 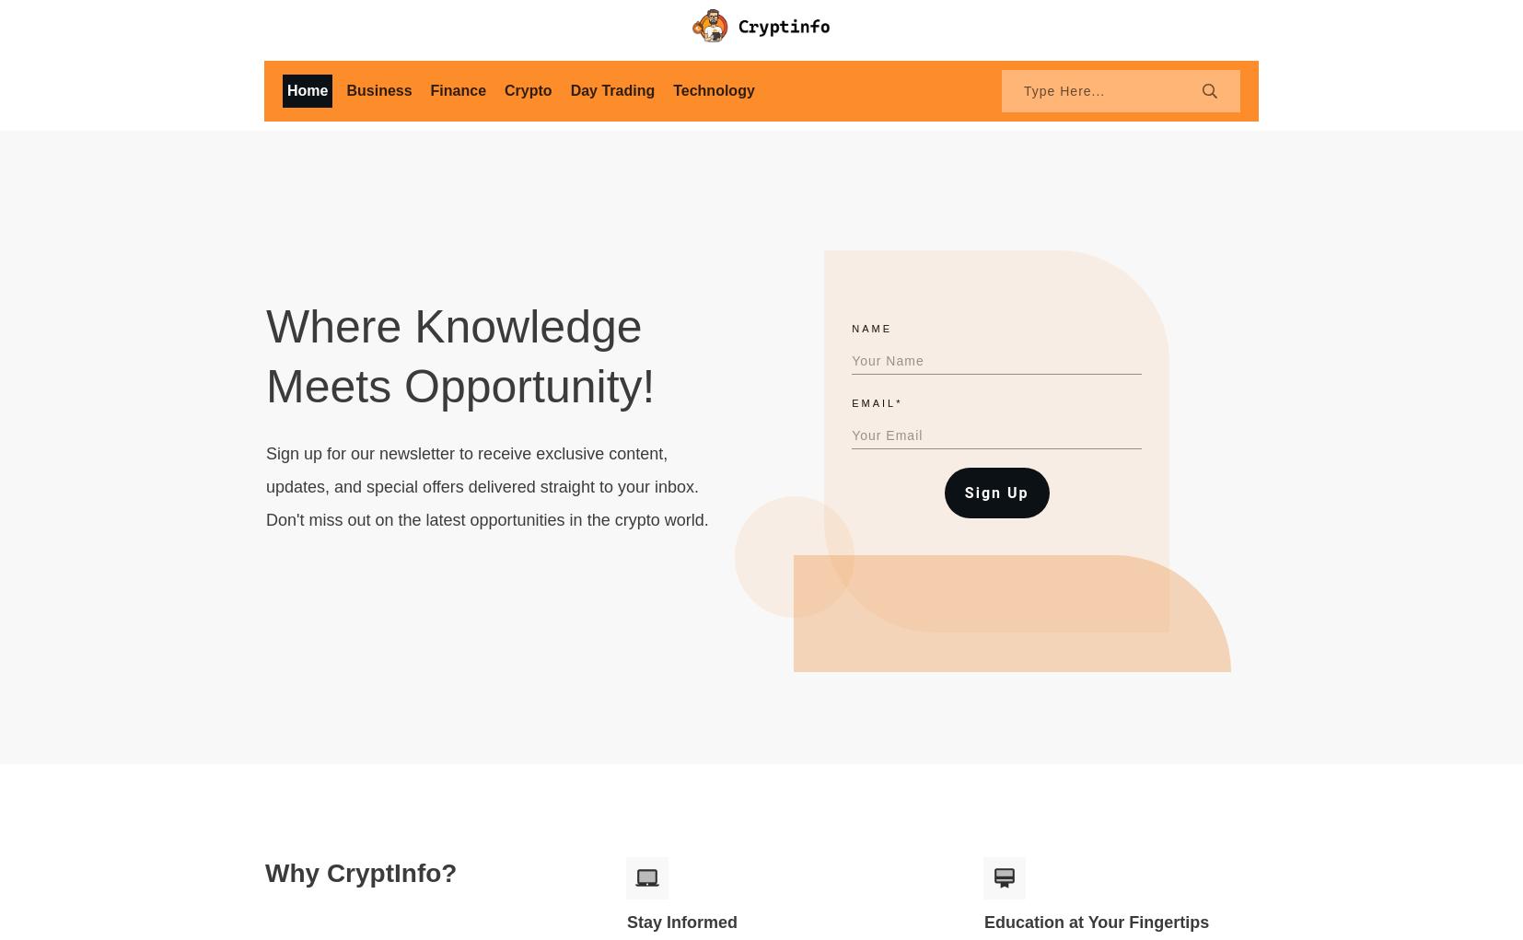 What do you see at coordinates (458, 88) in the screenshot?
I see `'Finance'` at bounding box center [458, 88].